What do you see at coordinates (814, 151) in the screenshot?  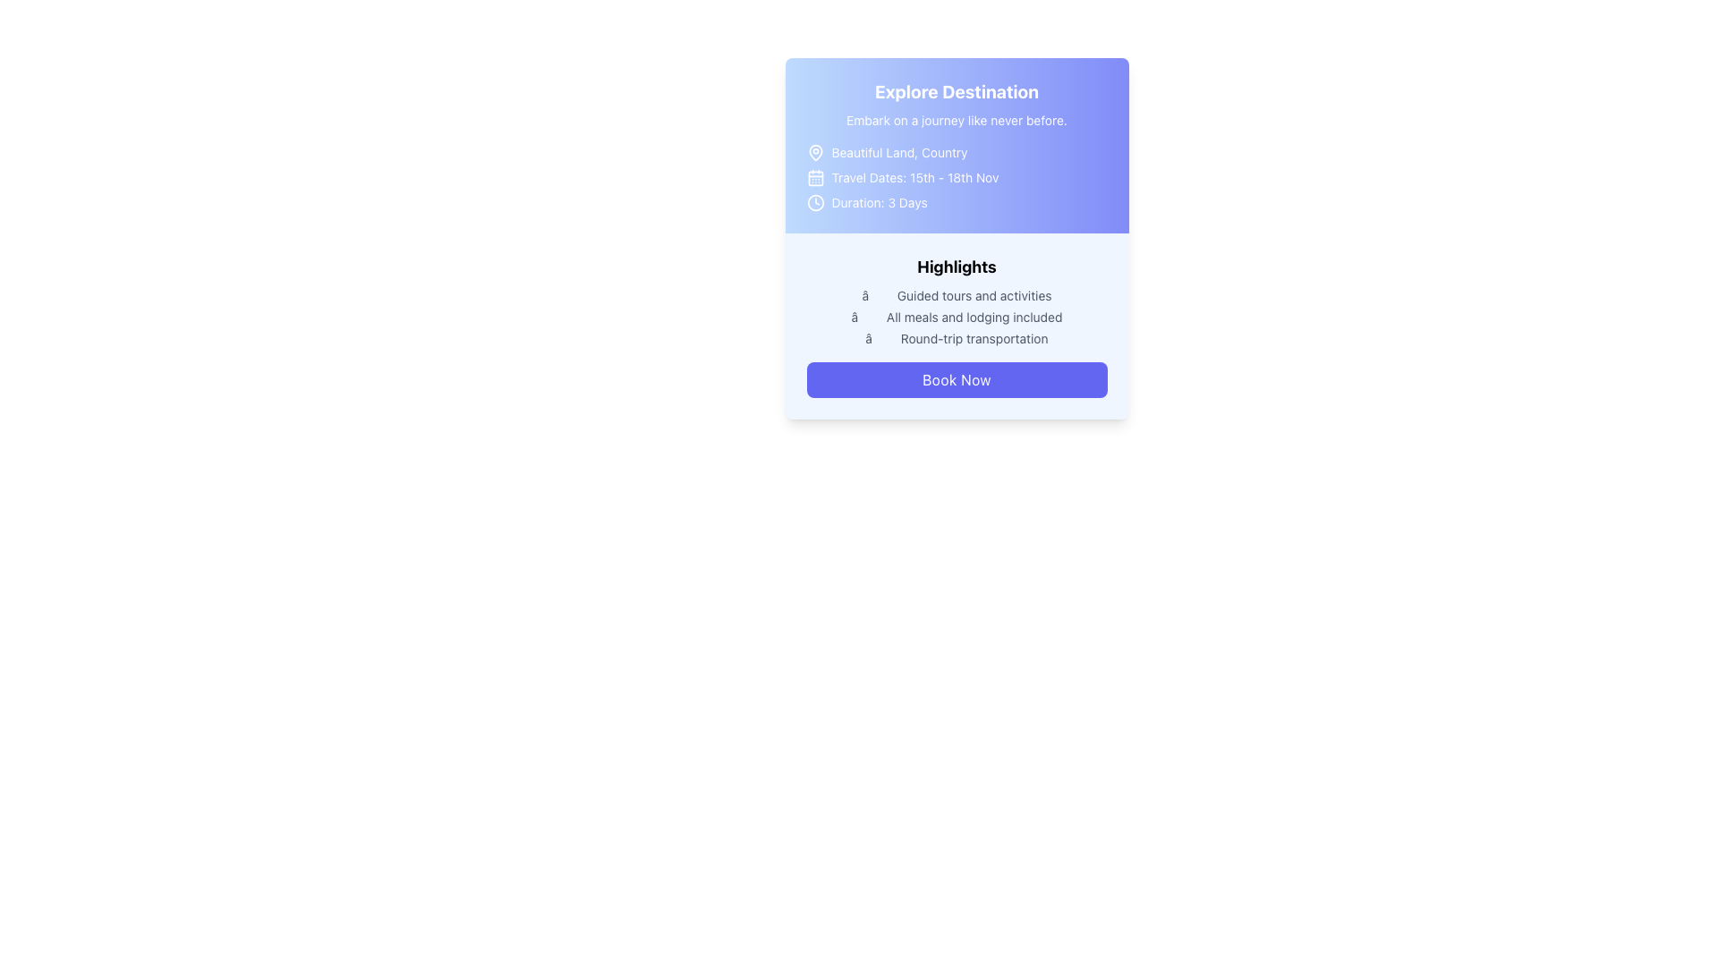 I see `pin-shaped icon located next to the text 'Beautiful Land, Country', which has a thin outline and no internal fill` at bounding box center [814, 151].